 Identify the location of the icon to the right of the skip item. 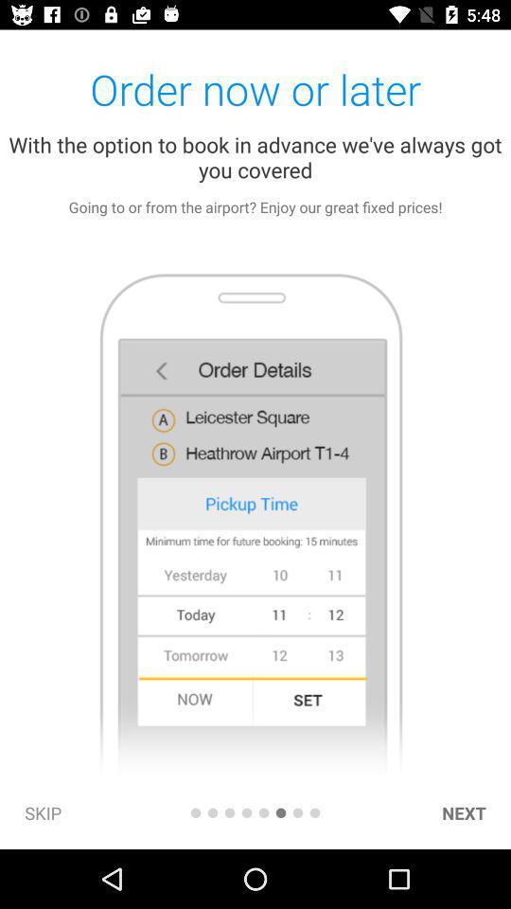
(194, 811).